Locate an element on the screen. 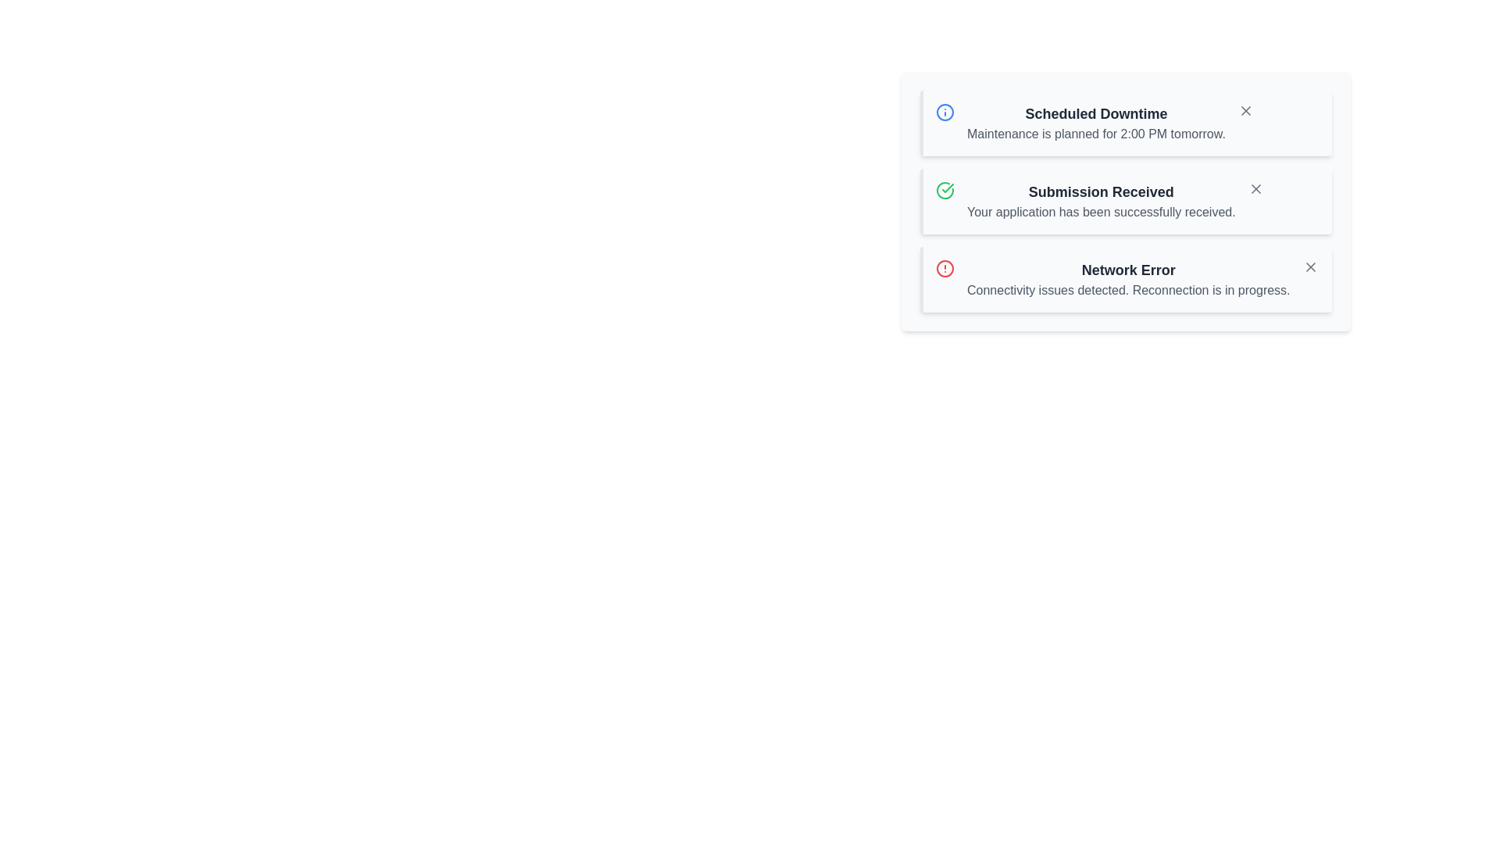 This screenshot has width=1500, height=844. the appearance of the error icon located within the notification card titled 'Network Error' with supplementary text indicating 'Connectivity issues detected.' is located at coordinates (944, 267).